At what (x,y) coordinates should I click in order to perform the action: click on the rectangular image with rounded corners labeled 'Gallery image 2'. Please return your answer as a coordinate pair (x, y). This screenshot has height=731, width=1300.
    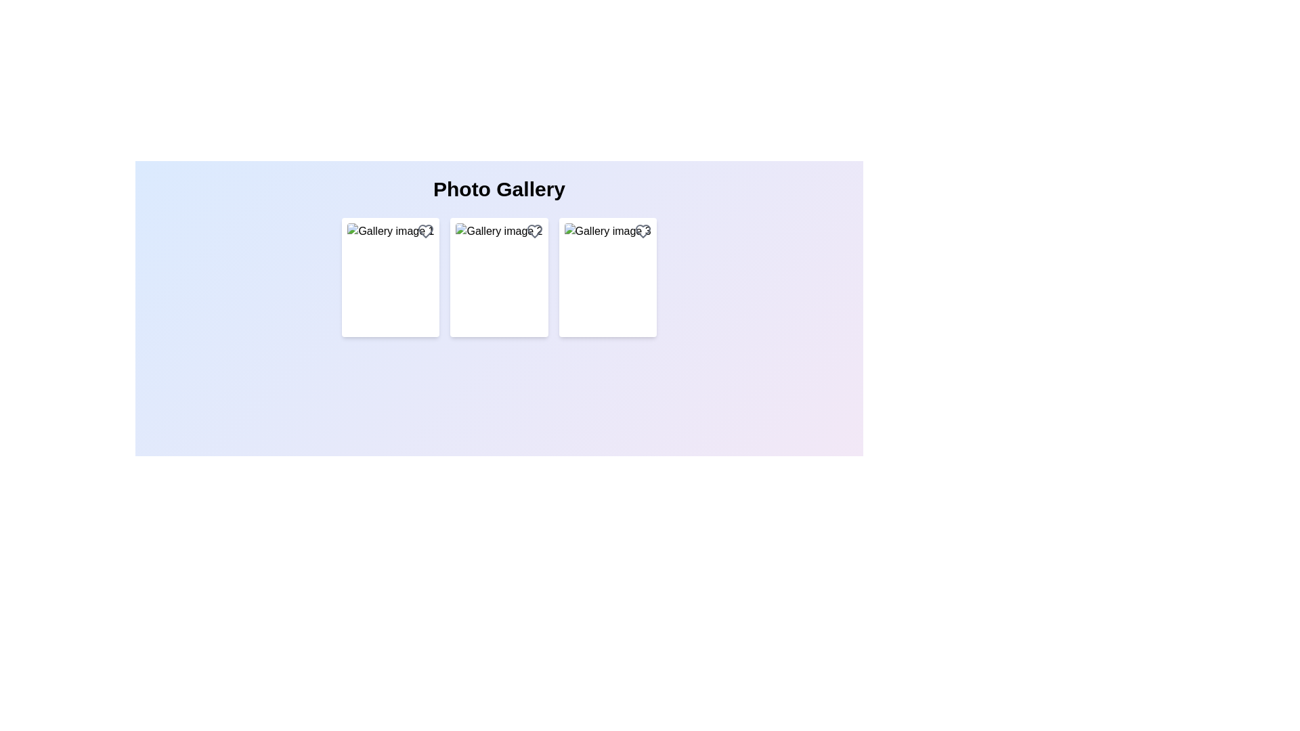
    Looking at the image, I should click on (498, 276).